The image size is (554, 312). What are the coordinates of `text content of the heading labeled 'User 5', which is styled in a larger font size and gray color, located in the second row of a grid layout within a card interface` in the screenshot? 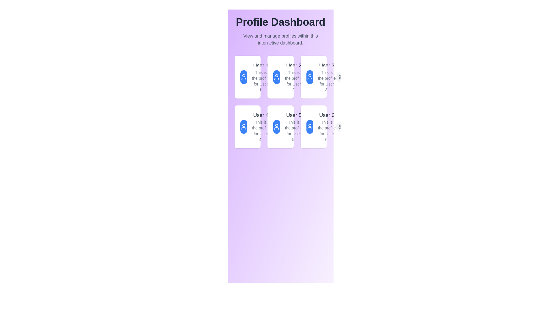 It's located at (294, 115).